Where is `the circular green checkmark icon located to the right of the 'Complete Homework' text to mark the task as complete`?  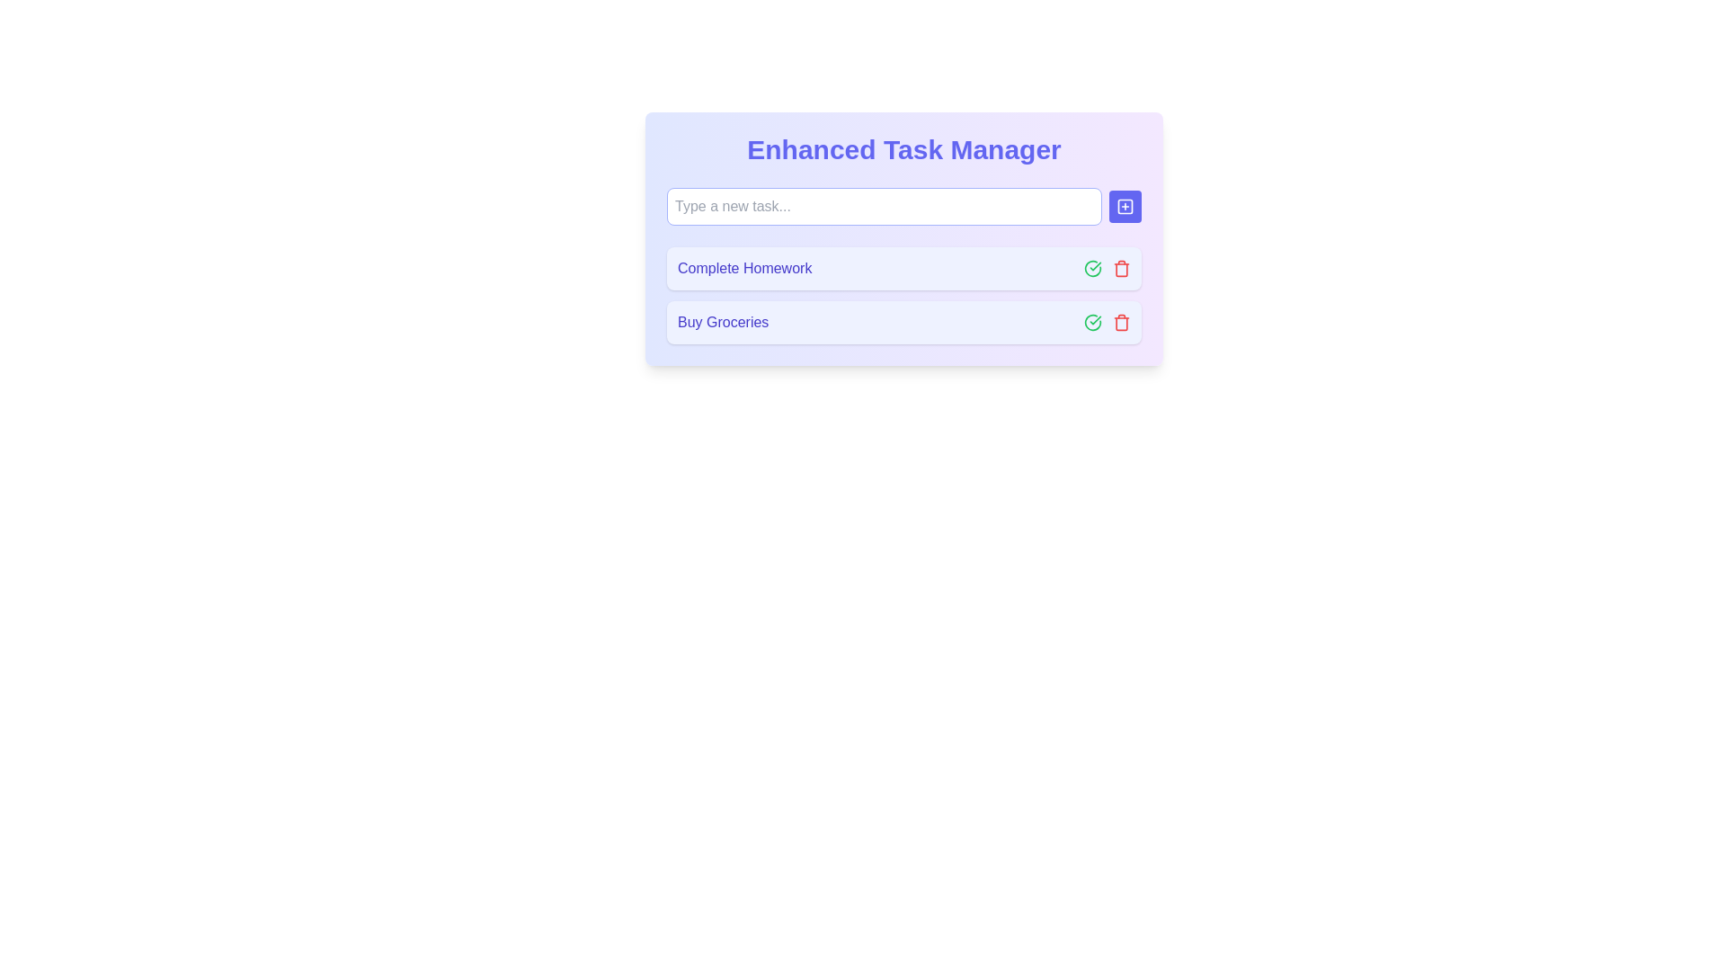 the circular green checkmark icon located to the right of the 'Complete Homework' text to mark the task as complete is located at coordinates (1091, 321).